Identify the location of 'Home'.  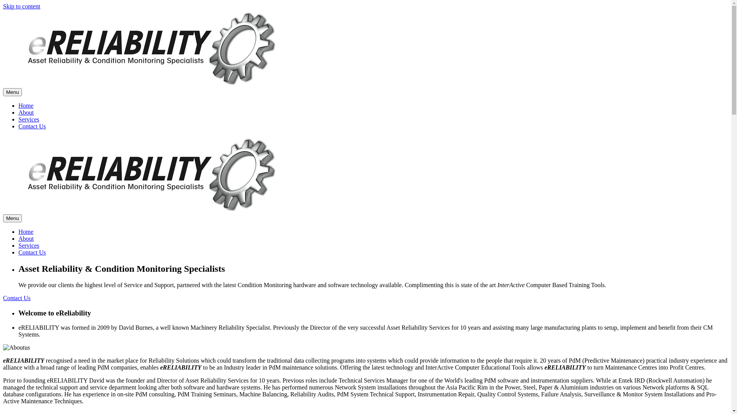
(26, 231).